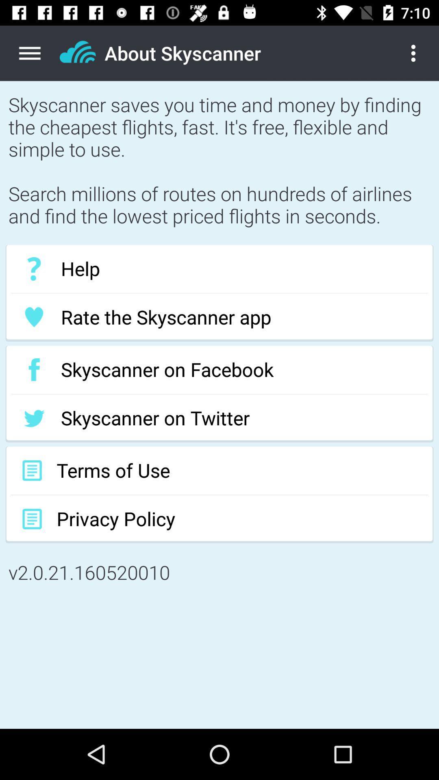 The width and height of the screenshot is (439, 780). Describe the element at coordinates (219, 518) in the screenshot. I see `the item above the v2 0 21 item` at that location.